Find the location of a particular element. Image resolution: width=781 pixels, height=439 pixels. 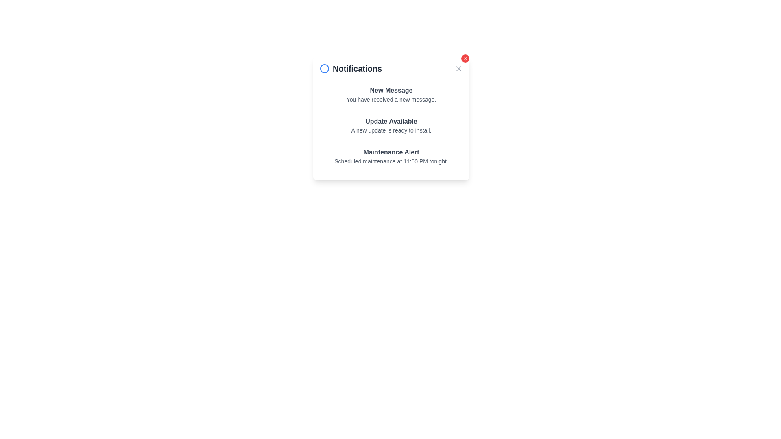

the informational notification component titled 'Maintenance Alert', which features a bold title and gray text, located as the third item in the notification list is located at coordinates (391, 156).